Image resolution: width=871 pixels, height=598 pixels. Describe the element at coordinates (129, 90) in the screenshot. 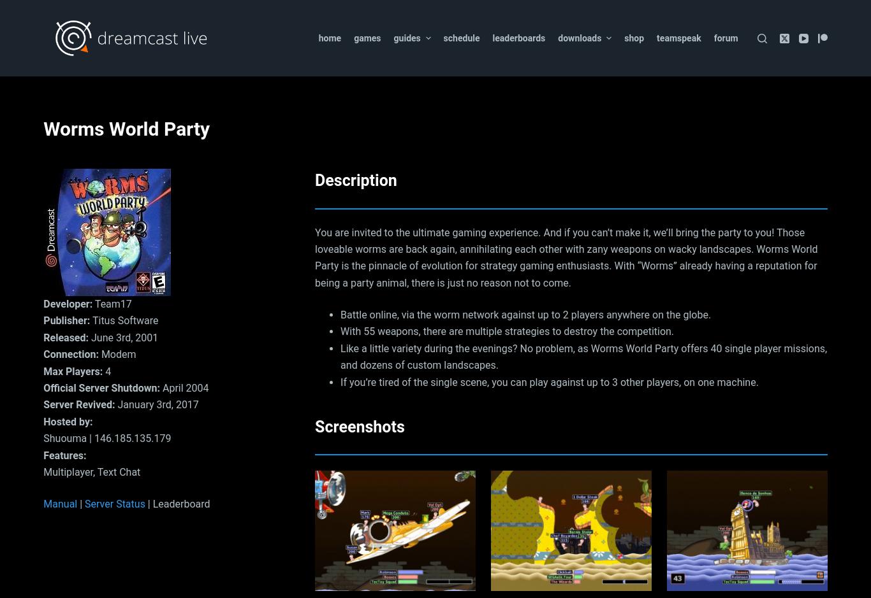

I see `'4.8 out of 5 stars (based on 5 reviews)'` at that location.